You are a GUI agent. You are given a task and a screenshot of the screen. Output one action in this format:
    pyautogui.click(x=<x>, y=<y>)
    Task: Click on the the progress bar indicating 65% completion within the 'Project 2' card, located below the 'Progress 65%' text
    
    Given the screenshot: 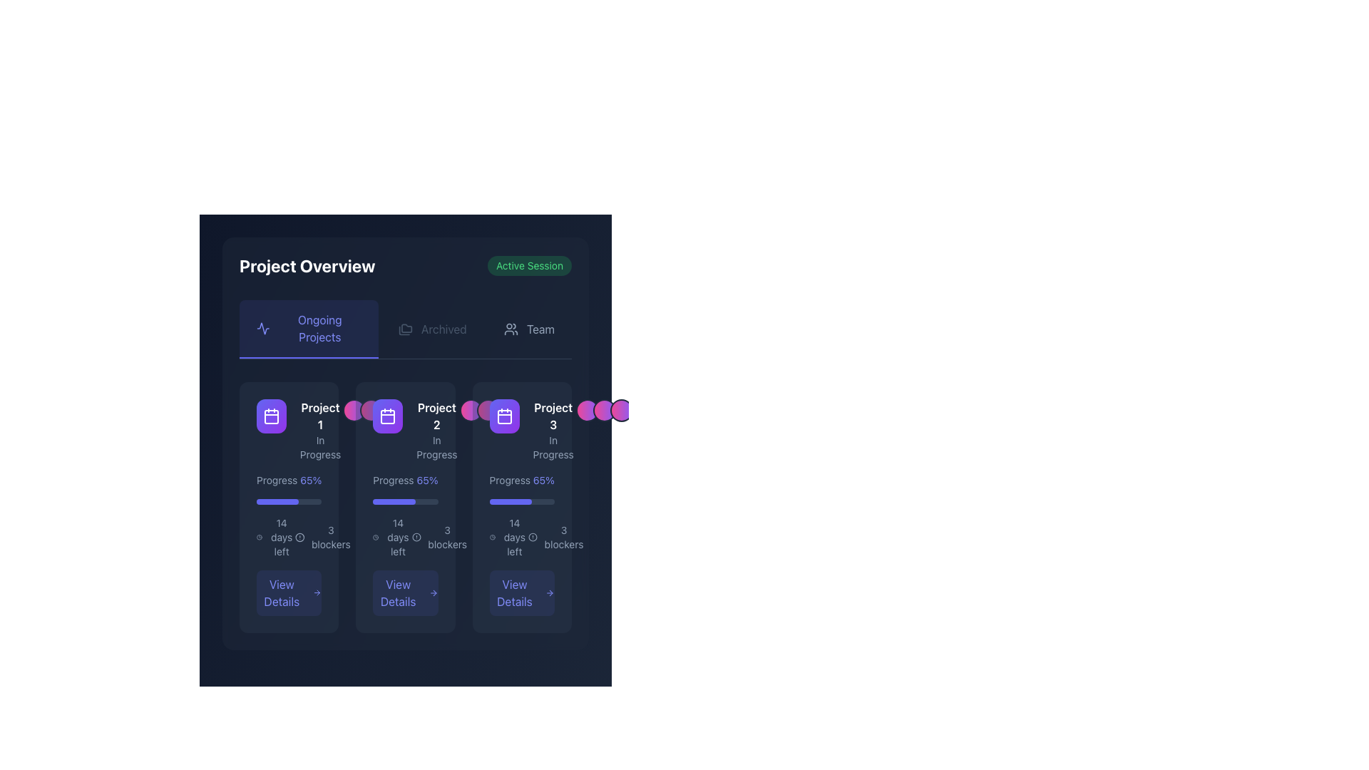 What is the action you would take?
    pyautogui.click(x=404, y=501)
    